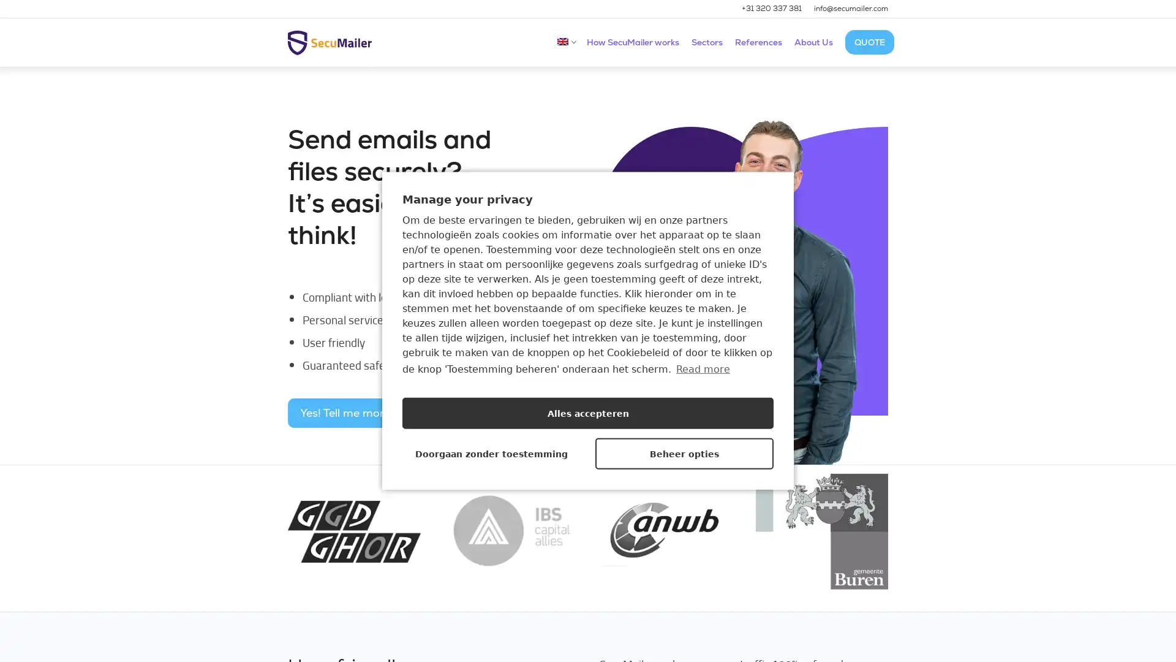  What do you see at coordinates (684, 454) in the screenshot?
I see `Beheer opties` at bounding box center [684, 454].